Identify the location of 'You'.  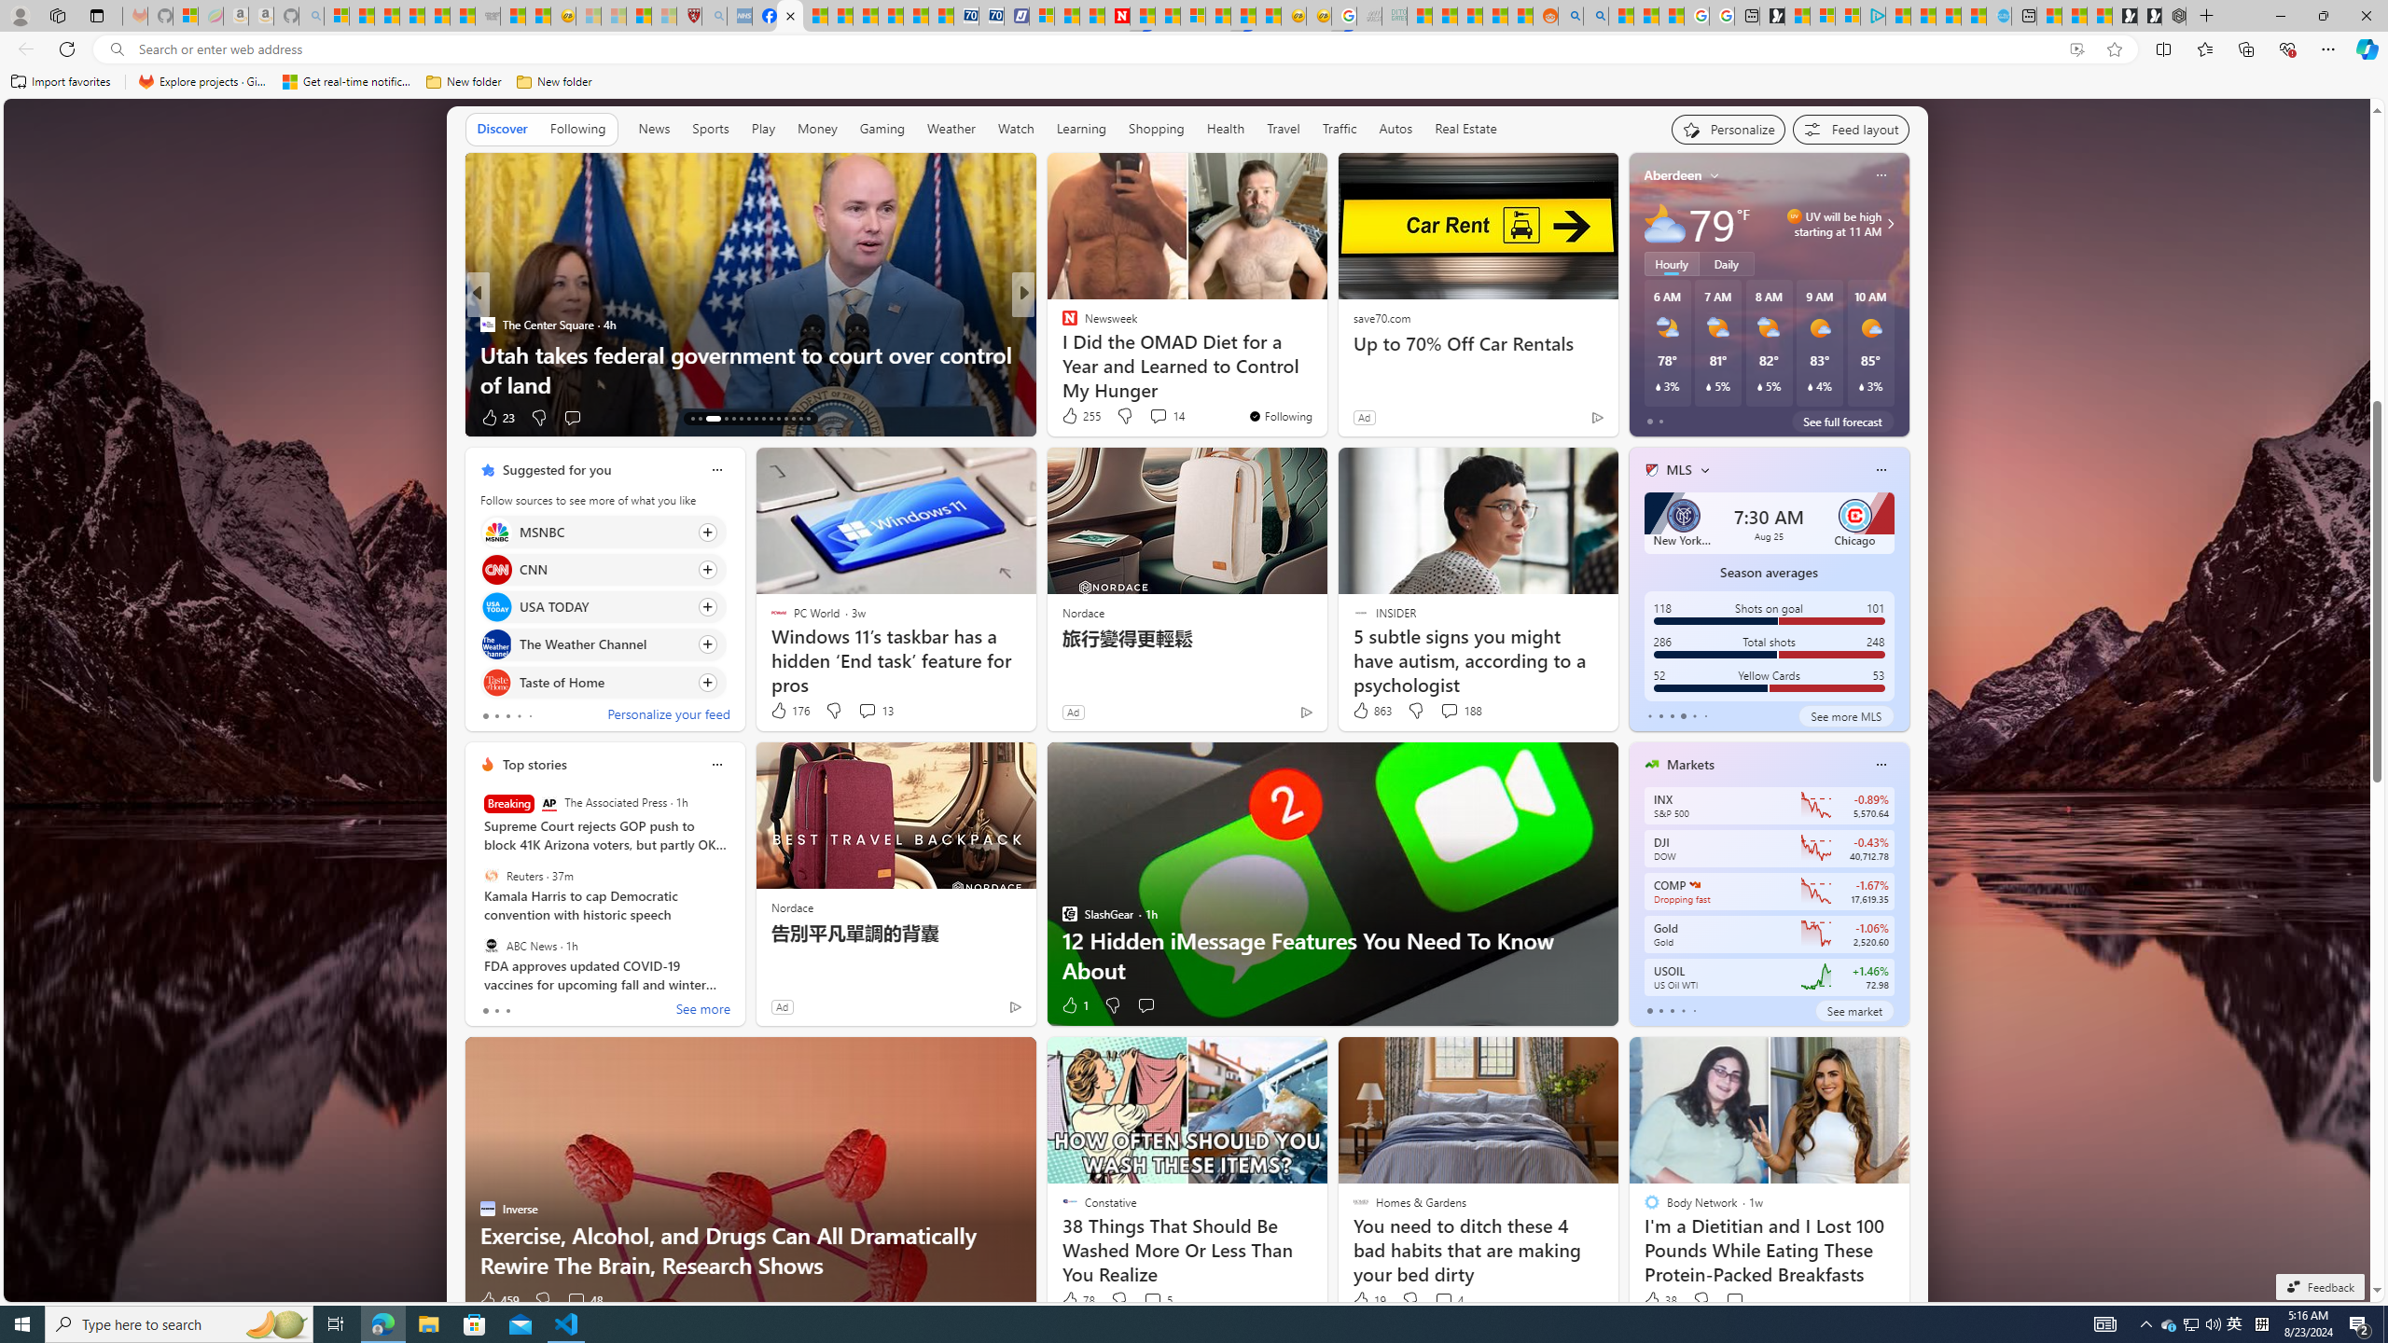
(1279, 415).